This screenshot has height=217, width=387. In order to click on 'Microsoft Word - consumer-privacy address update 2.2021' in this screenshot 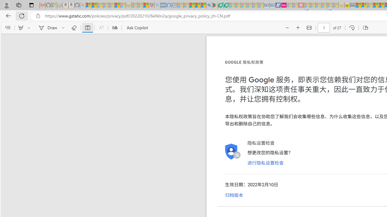, I will do `click(226, 5)`.